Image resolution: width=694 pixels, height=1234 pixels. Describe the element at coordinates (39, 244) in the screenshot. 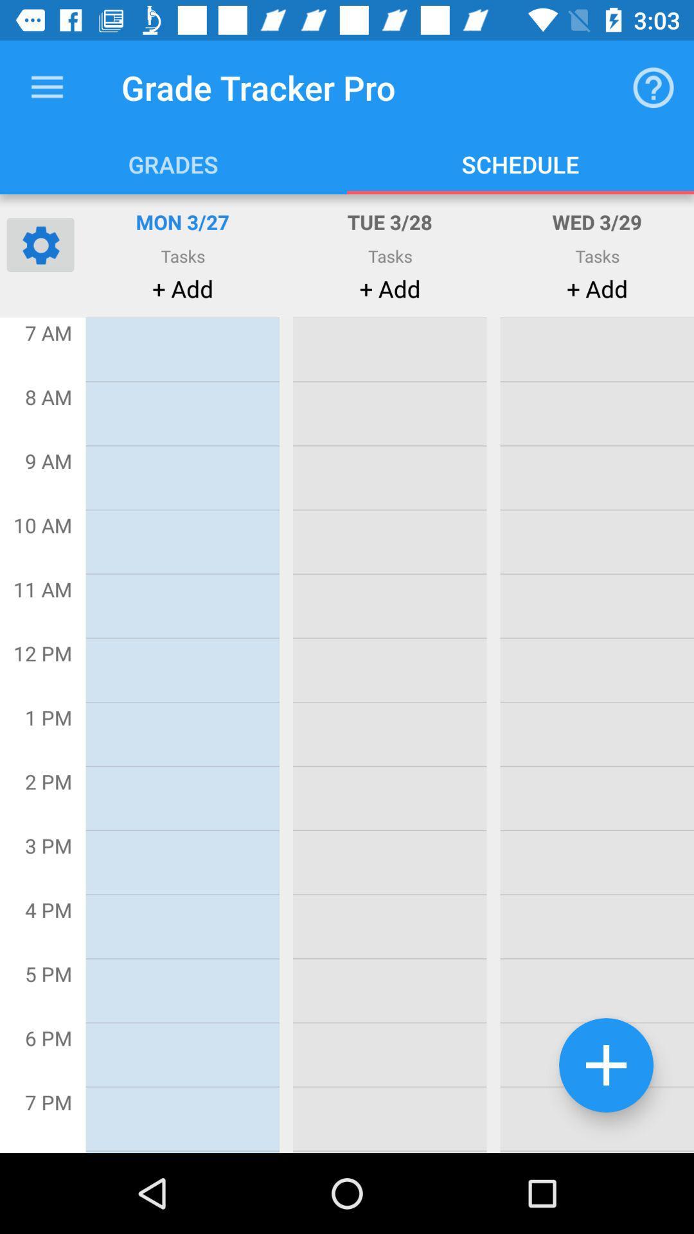

I see `the settings page` at that location.